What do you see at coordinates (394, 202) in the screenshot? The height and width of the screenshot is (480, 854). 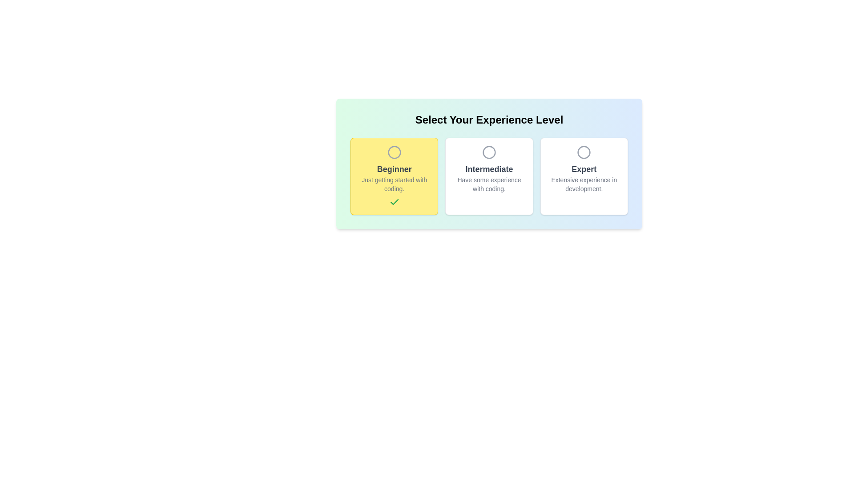 I see `the selection indicator represented by the checkmark icon located in the lower area of the 'Beginner' selection card` at bounding box center [394, 202].